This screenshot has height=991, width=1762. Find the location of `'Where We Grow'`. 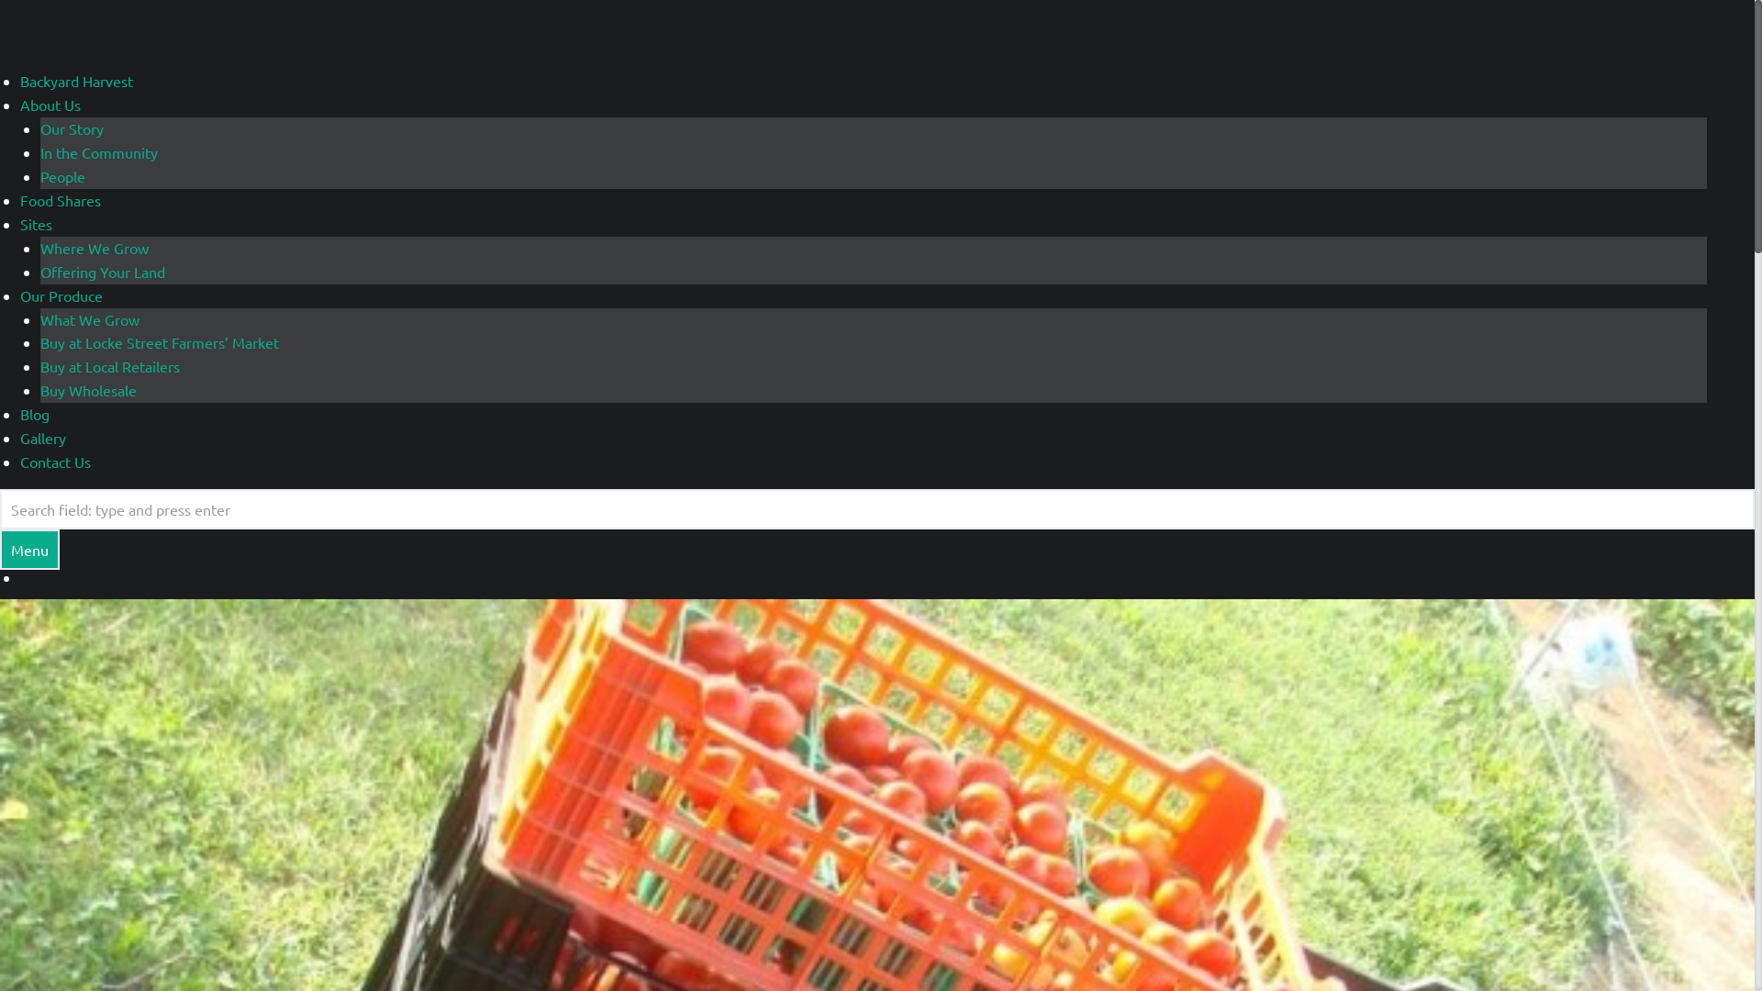

'Where We Grow' is located at coordinates (93, 248).